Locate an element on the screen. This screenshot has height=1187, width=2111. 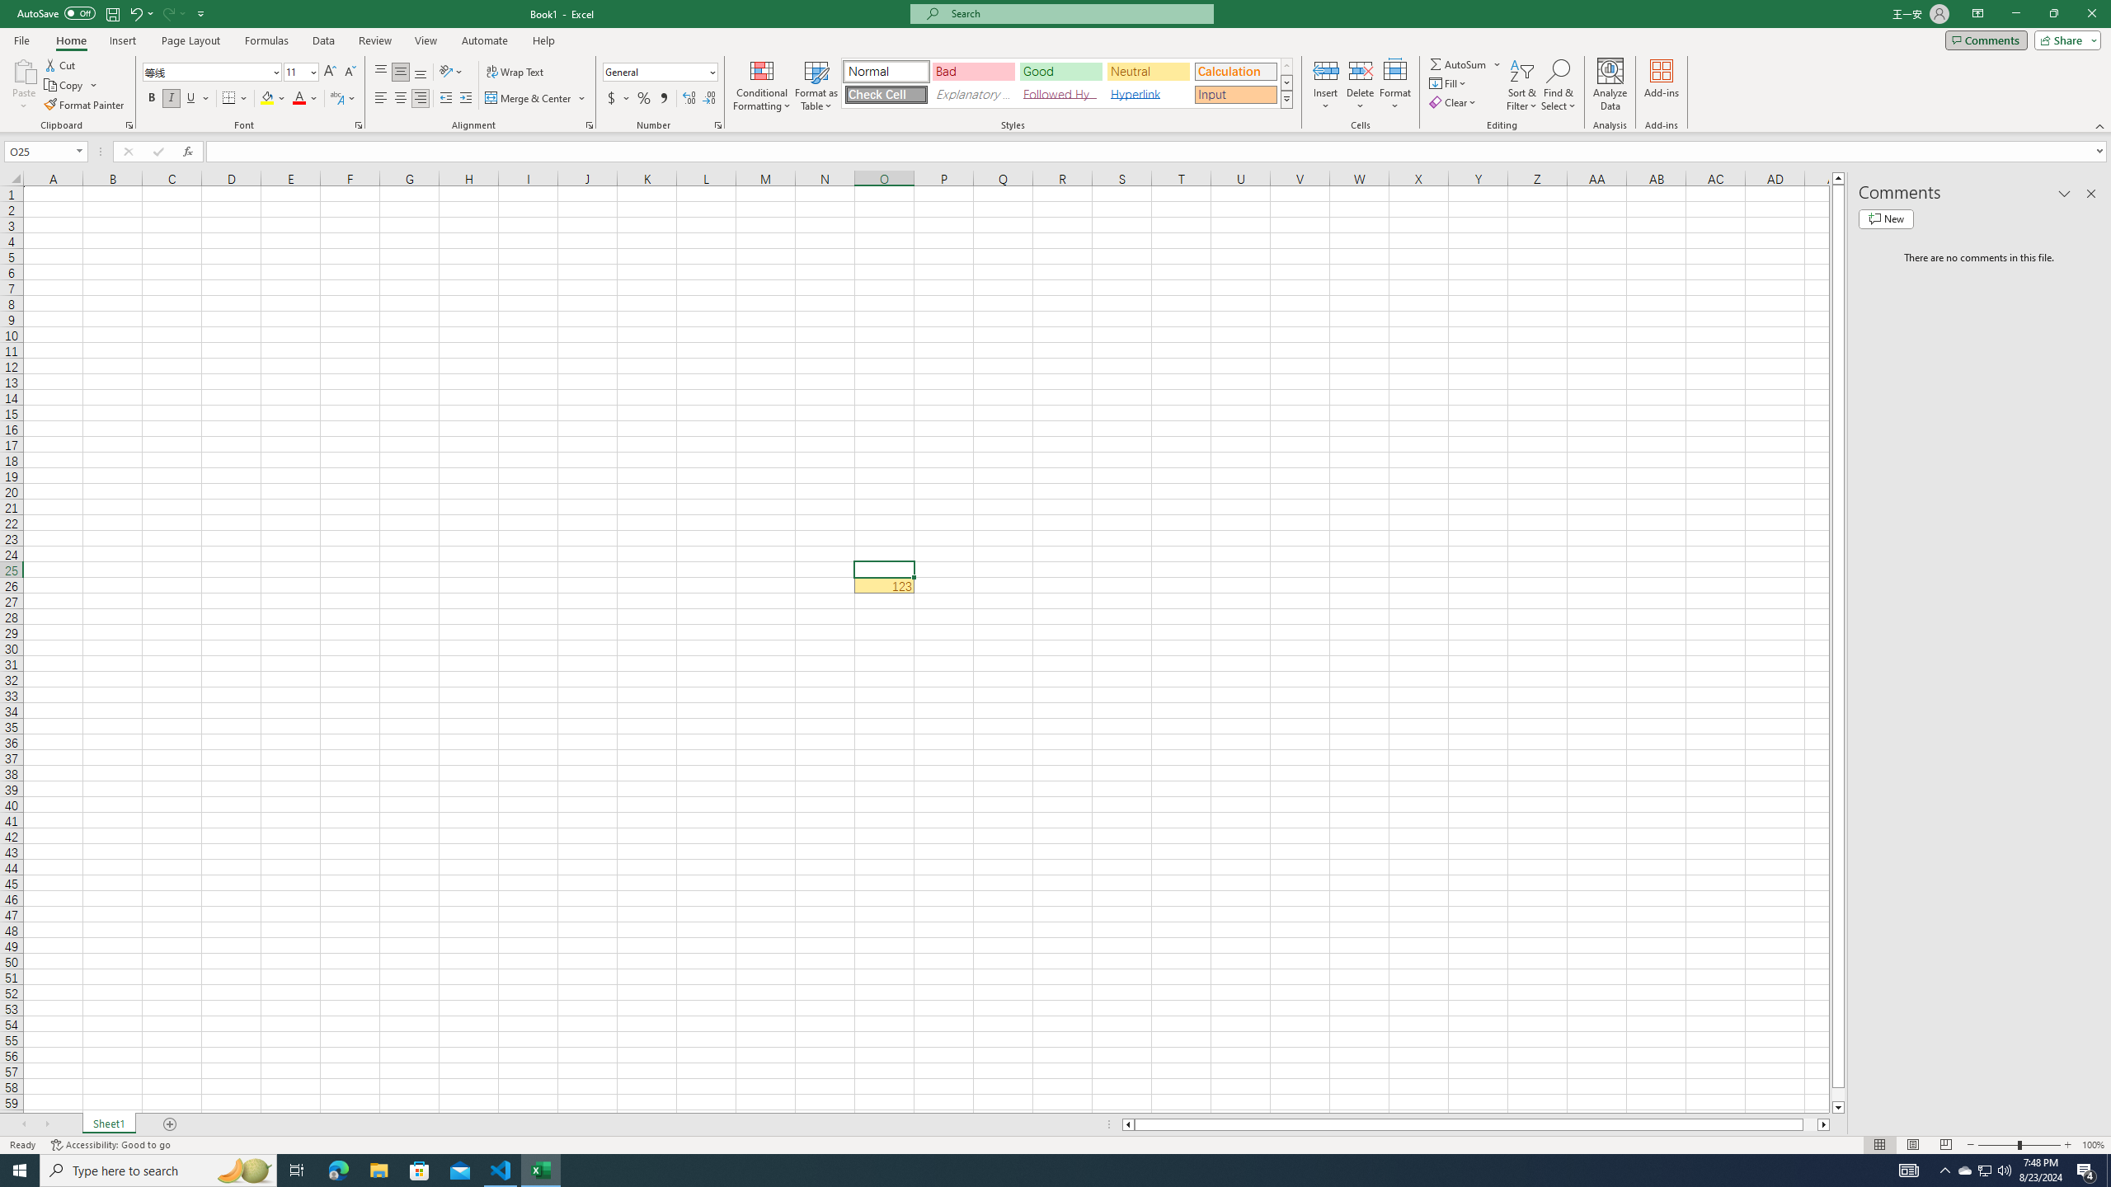
'Accounting Number Format' is located at coordinates (611, 97).